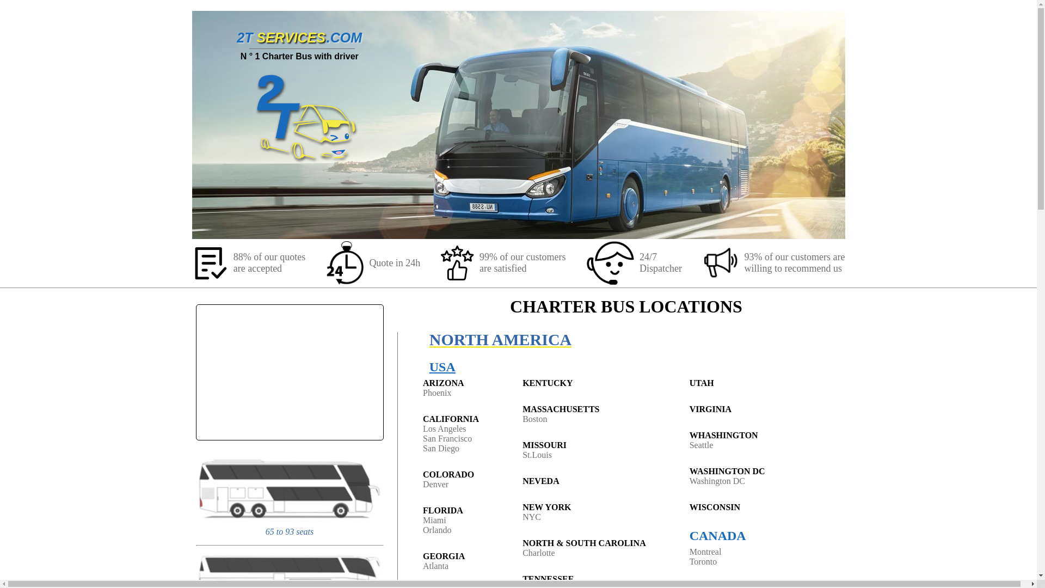 This screenshot has width=1045, height=588. What do you see at coordinates (435, 565) in the screenshot?
I see `'Atlanta'` at bounding box center [435, 565].